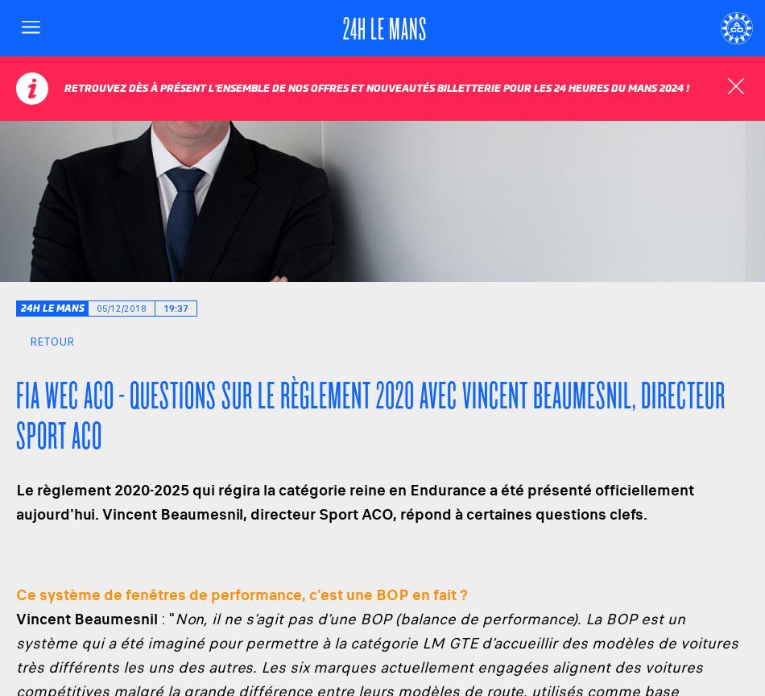  What do you see at coordinates (381, 323) in the screenshot?
I see `'Informations Pratiques'` at bounding box center [381, 323].